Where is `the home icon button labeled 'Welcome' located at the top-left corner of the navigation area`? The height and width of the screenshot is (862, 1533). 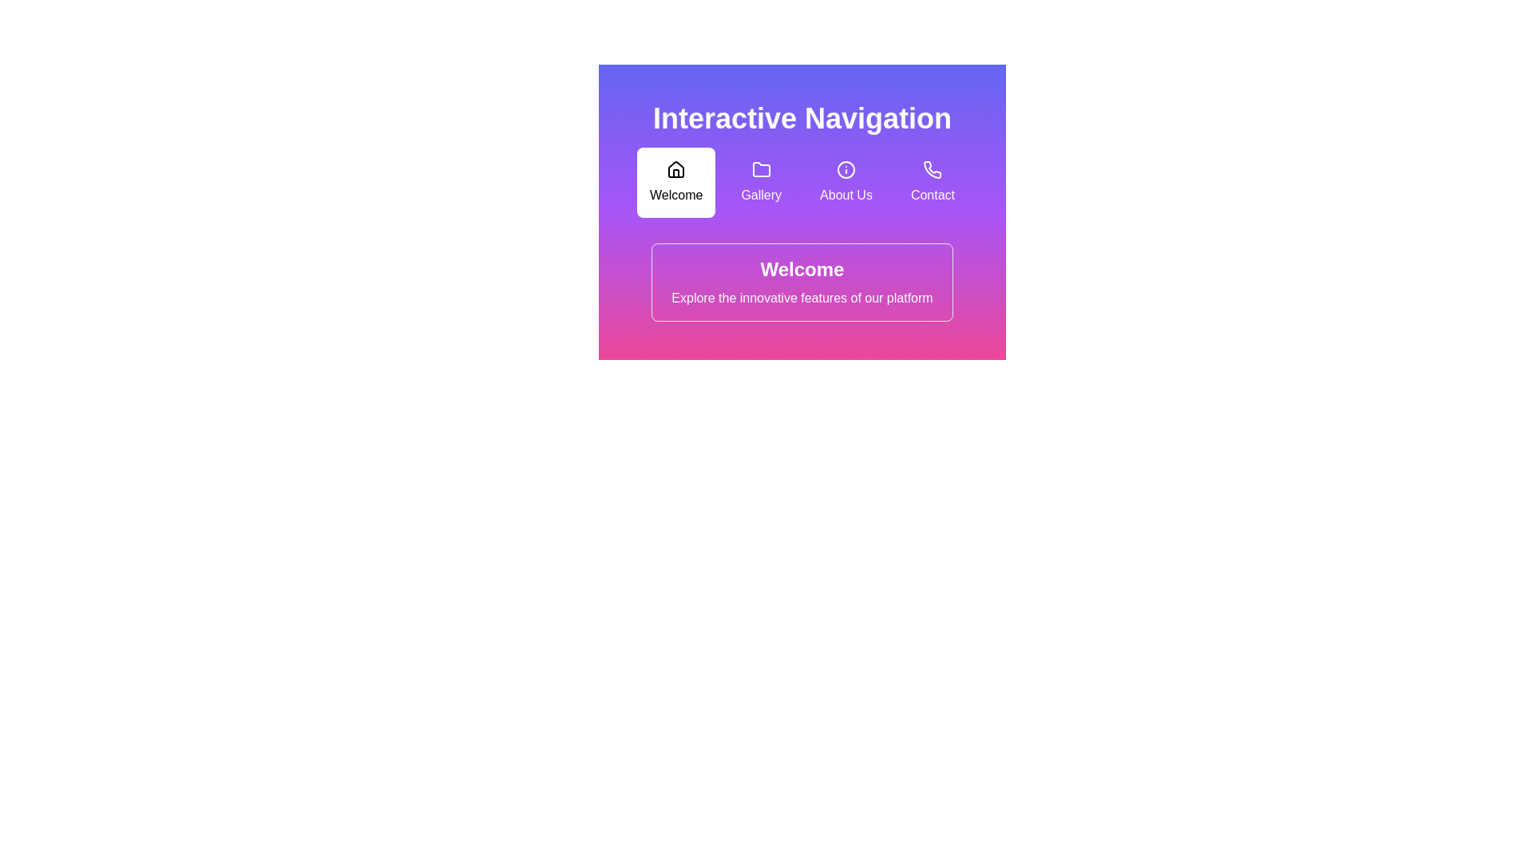
the home icon button labeled 'Welcome' located at the top-left corner of the navigation area is located at coordinates (676, 169).